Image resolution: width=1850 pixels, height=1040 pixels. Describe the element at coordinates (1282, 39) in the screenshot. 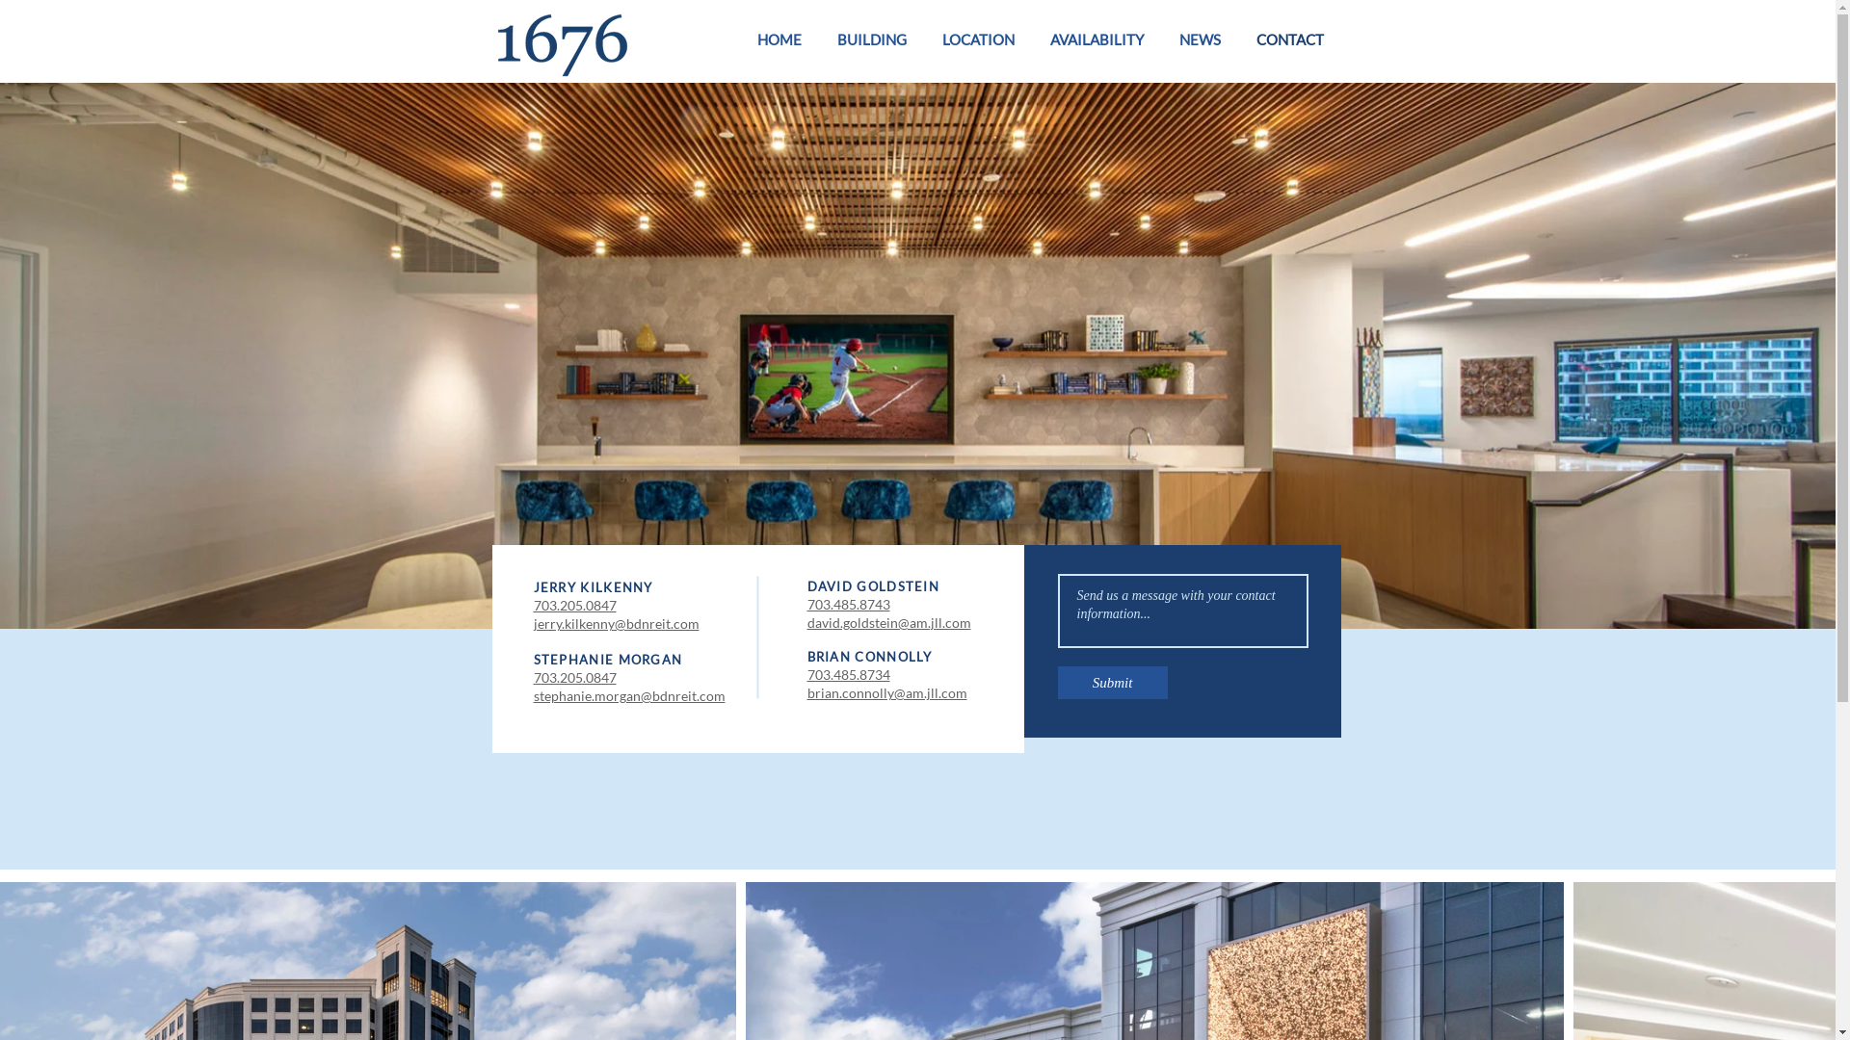

I see `'CONTACT'` at that location.